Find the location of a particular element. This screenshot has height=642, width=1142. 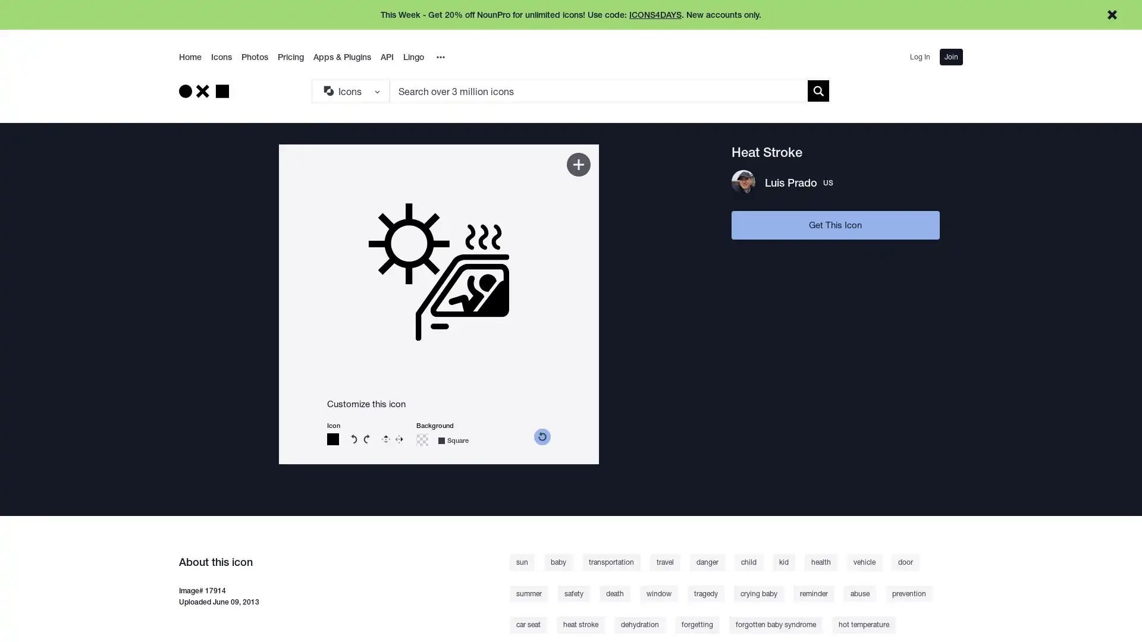

Log In is located at coordinates (919, 57).